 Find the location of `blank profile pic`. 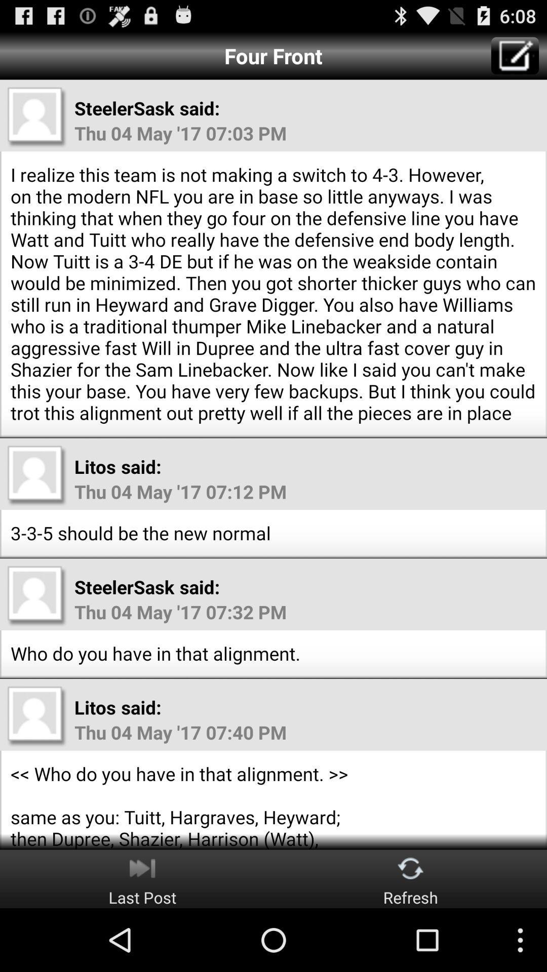

blank profile pic is located at coordinates (36, 715).